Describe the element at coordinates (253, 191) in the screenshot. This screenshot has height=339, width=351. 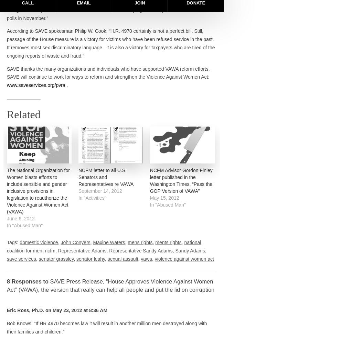
I see `'Reproductive Rights'` at that location.